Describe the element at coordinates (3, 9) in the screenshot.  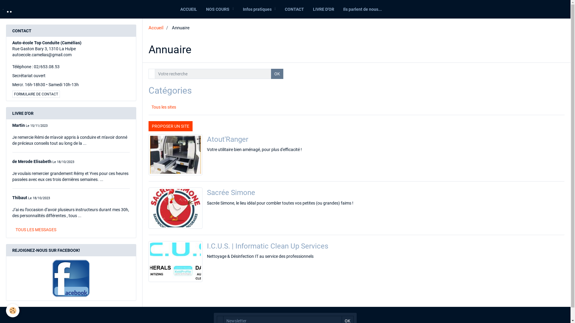
I see `'..'` at that location.